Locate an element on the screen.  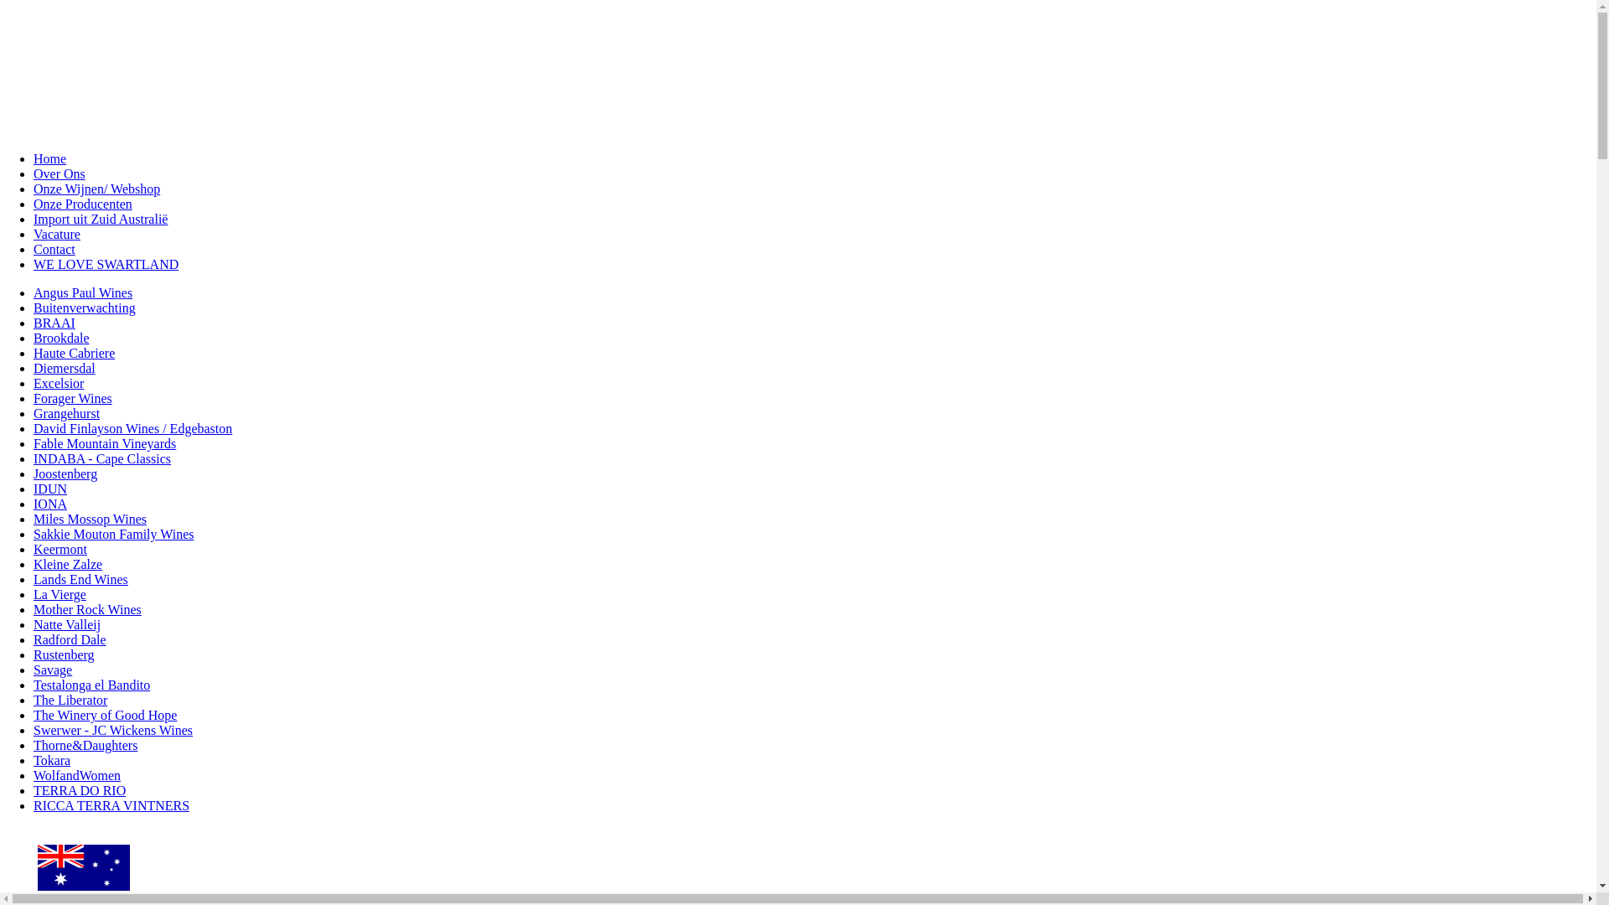
'IONA' is located at coordinates (49, 503).